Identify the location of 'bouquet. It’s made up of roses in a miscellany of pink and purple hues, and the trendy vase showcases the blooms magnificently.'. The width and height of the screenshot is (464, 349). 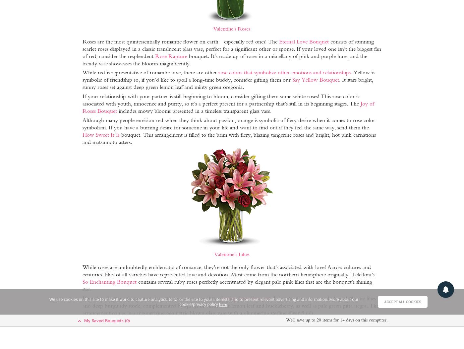
(224, 59).